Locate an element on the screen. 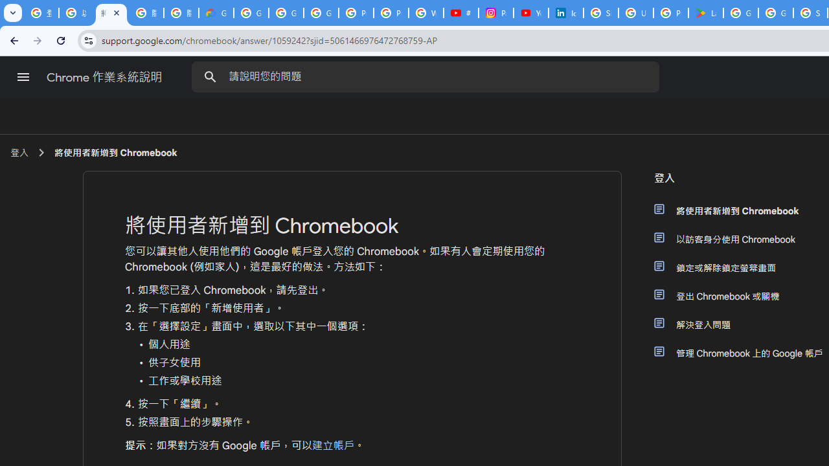  'Close' is located at coordinates (117, 12).